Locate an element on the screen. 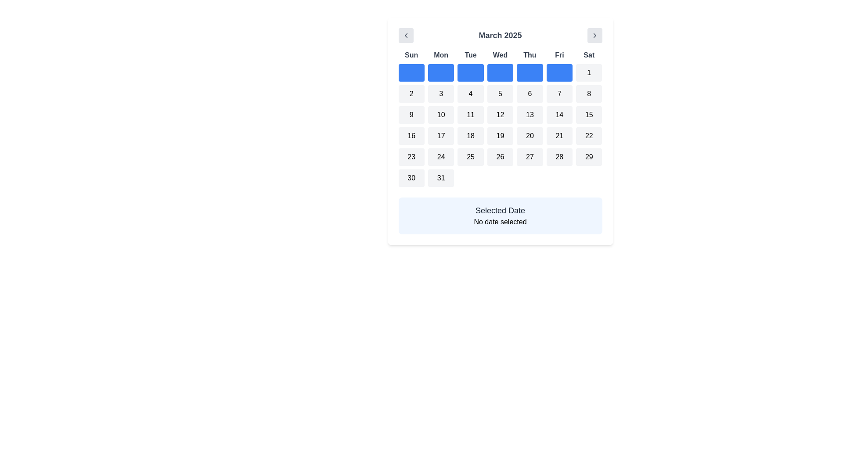 This screenshot has height=474, width=843. a day in the calendar view for March 2025 is located at coordinates (500, 131).